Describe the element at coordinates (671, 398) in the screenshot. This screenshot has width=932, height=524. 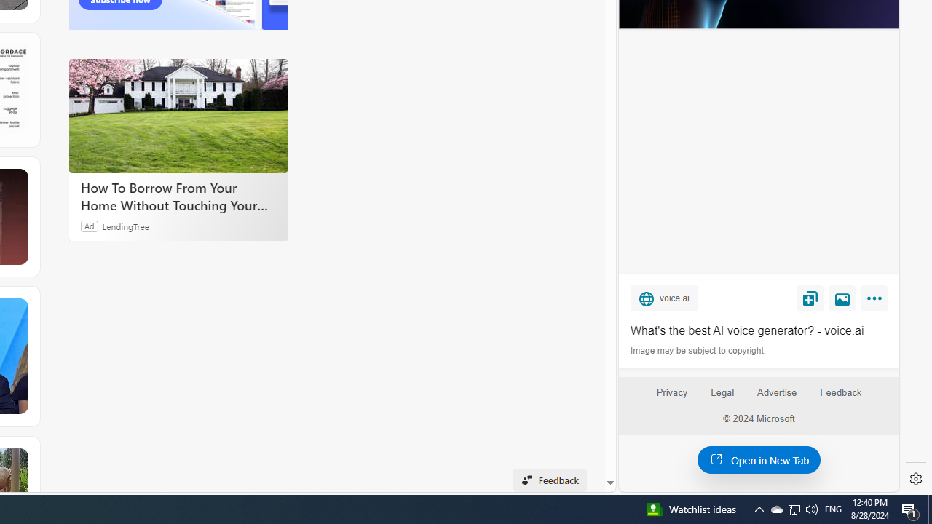
I see `'Privacy'` at that location.